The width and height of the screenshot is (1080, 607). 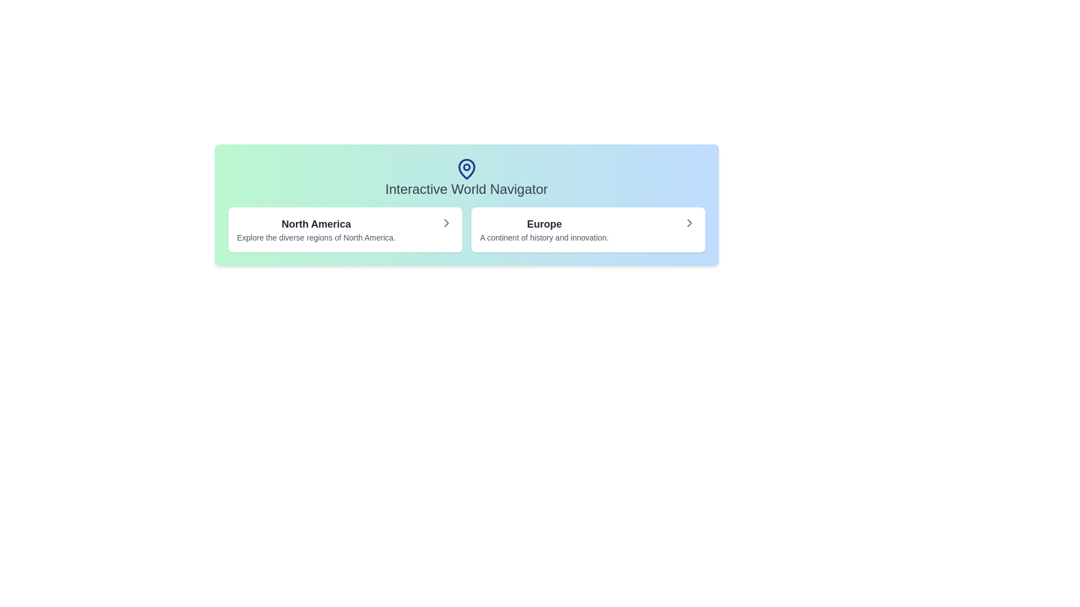 I want to click on text content of the text label positioned centrally below a map pin icon, which serves as a title or heading for the interface section, so click(x=466, y=188).